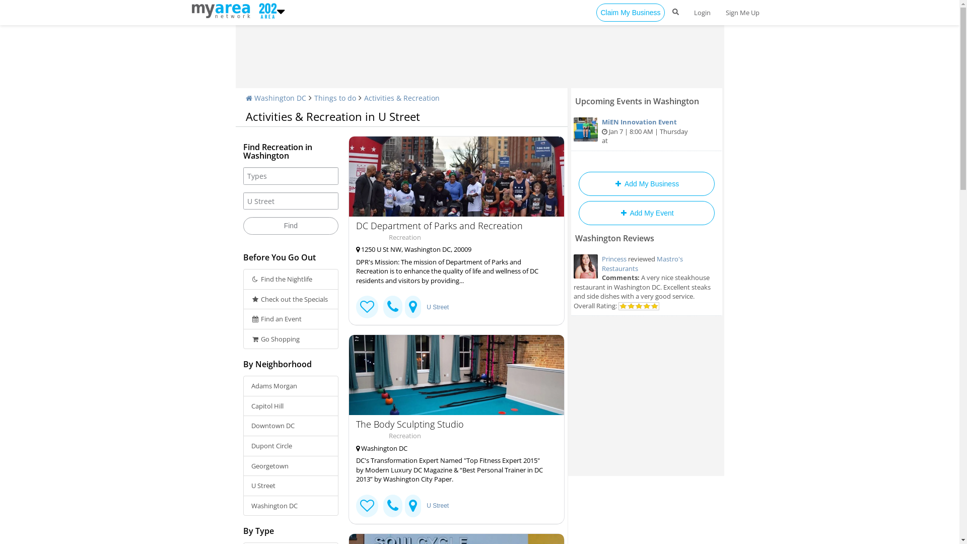 The height and width of the screenshot is (544, 967). I want to click on 'Downtown DC', so click(290, 426).